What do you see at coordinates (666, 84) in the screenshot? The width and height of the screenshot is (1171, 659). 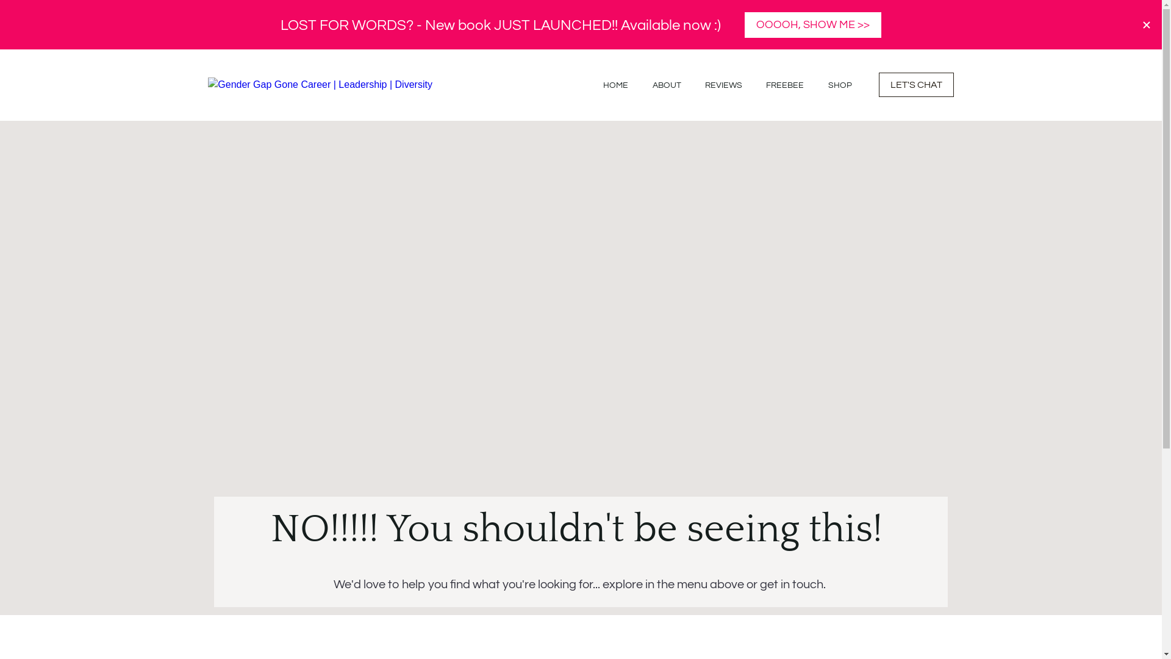 I see `'ABOUT'` at bounding box center [666, 84].